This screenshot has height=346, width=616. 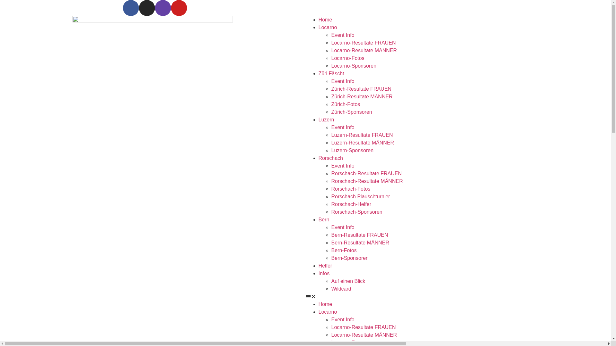 What do you see at coordinates (330, 158) in the screenshot?
I see `'Rorschach'` at bounding box center [330, 158].